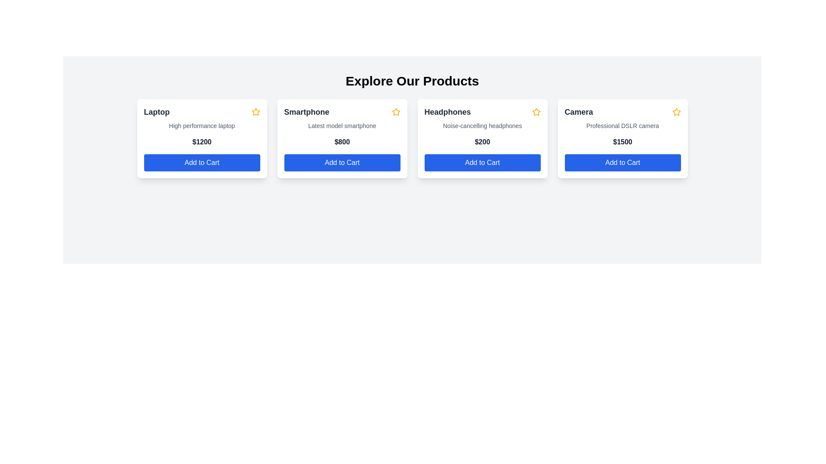  Describe the element at coordinates (342, 162) in the screenshot. I see `the 'Add to Cart' button located at the bottom of the 'Smartphone' product card, beneath the price '$800'` at that location.